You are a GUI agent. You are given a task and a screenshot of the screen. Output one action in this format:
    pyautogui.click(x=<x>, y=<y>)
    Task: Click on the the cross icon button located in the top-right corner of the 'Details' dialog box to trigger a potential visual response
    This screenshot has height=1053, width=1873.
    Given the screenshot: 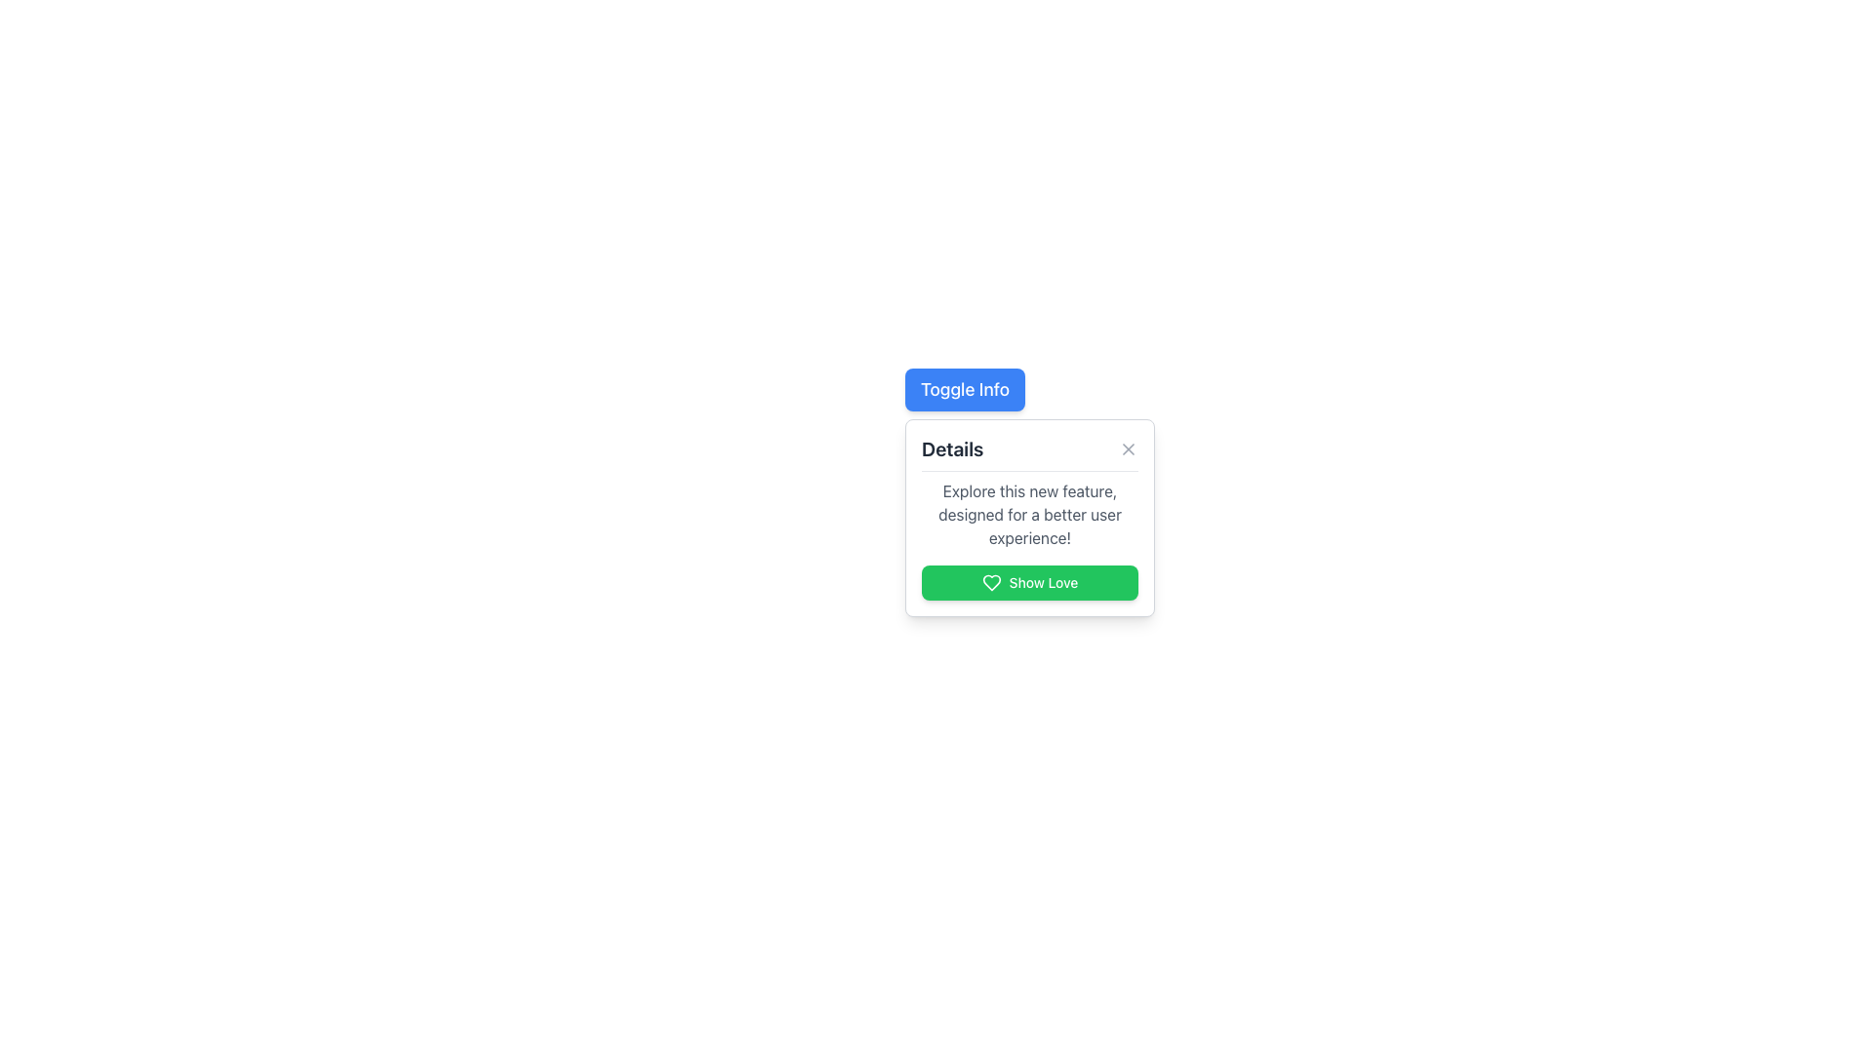 What is the action you would take?
    pyautogui.click(x=1128, y=449)
    